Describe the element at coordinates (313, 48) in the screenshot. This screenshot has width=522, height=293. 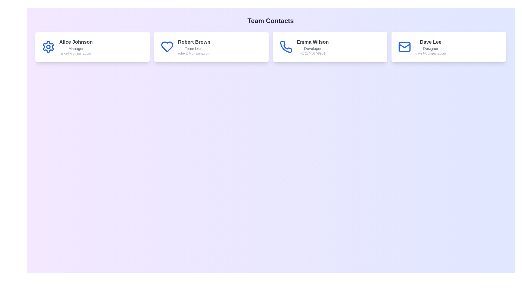
I see `the 'Developer' text label located below 'Emma Wilson' and above the phone number '+1 234-567-8901'` at that location.